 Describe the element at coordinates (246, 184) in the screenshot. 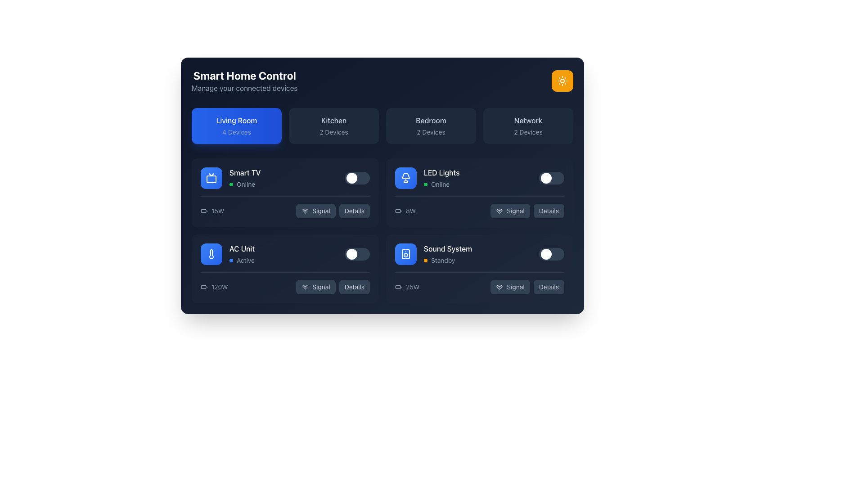

I see `the status indicator text label that shows the device is currently online, located to the right of the small green indicator dot under the 'Smart TV' label in the 'Living Room' section` at that location.